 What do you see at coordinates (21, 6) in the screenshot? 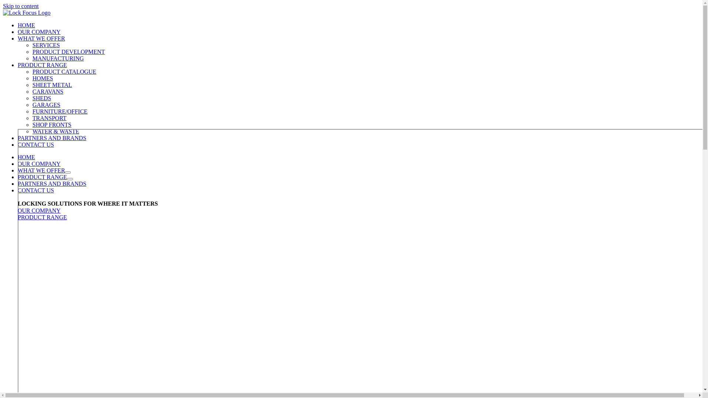
I see `'Skip to content'` at bounding box center [21, 6].